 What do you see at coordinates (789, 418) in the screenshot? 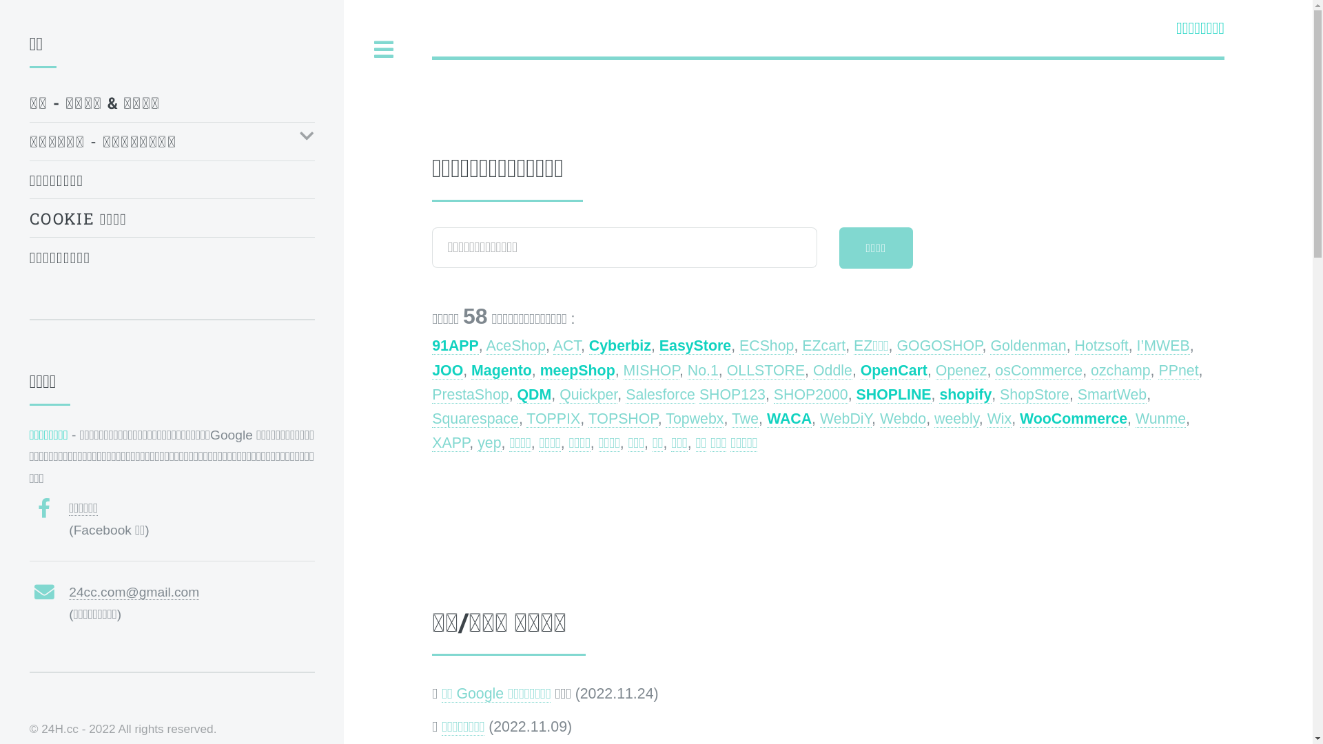
I see `'WACA'` at bounding box center [789, 418].